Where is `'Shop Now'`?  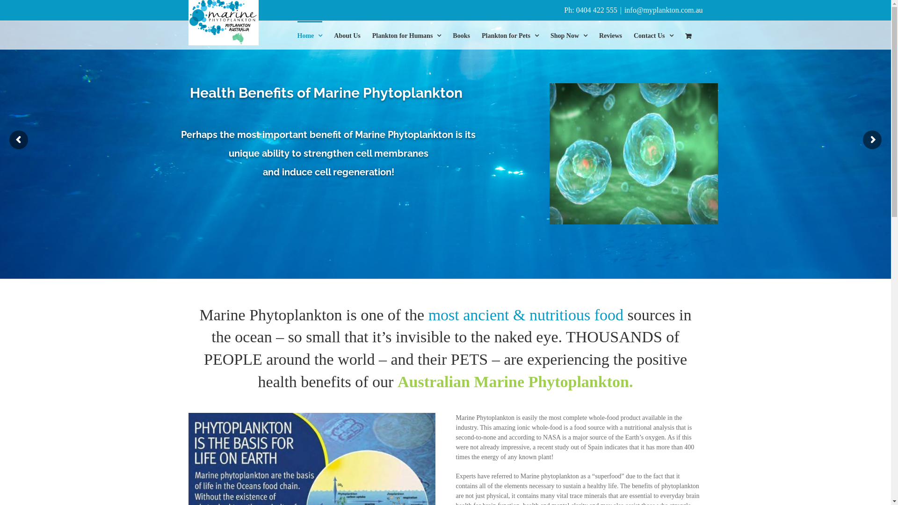
'Shop Now' is located at coordinates (568, 34).